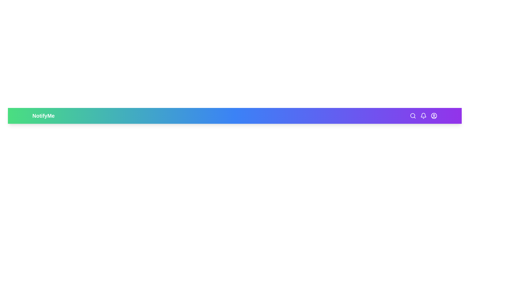 The image size is (506, 285). I want to click on the bell icon to view notifications, so click(424, 116).